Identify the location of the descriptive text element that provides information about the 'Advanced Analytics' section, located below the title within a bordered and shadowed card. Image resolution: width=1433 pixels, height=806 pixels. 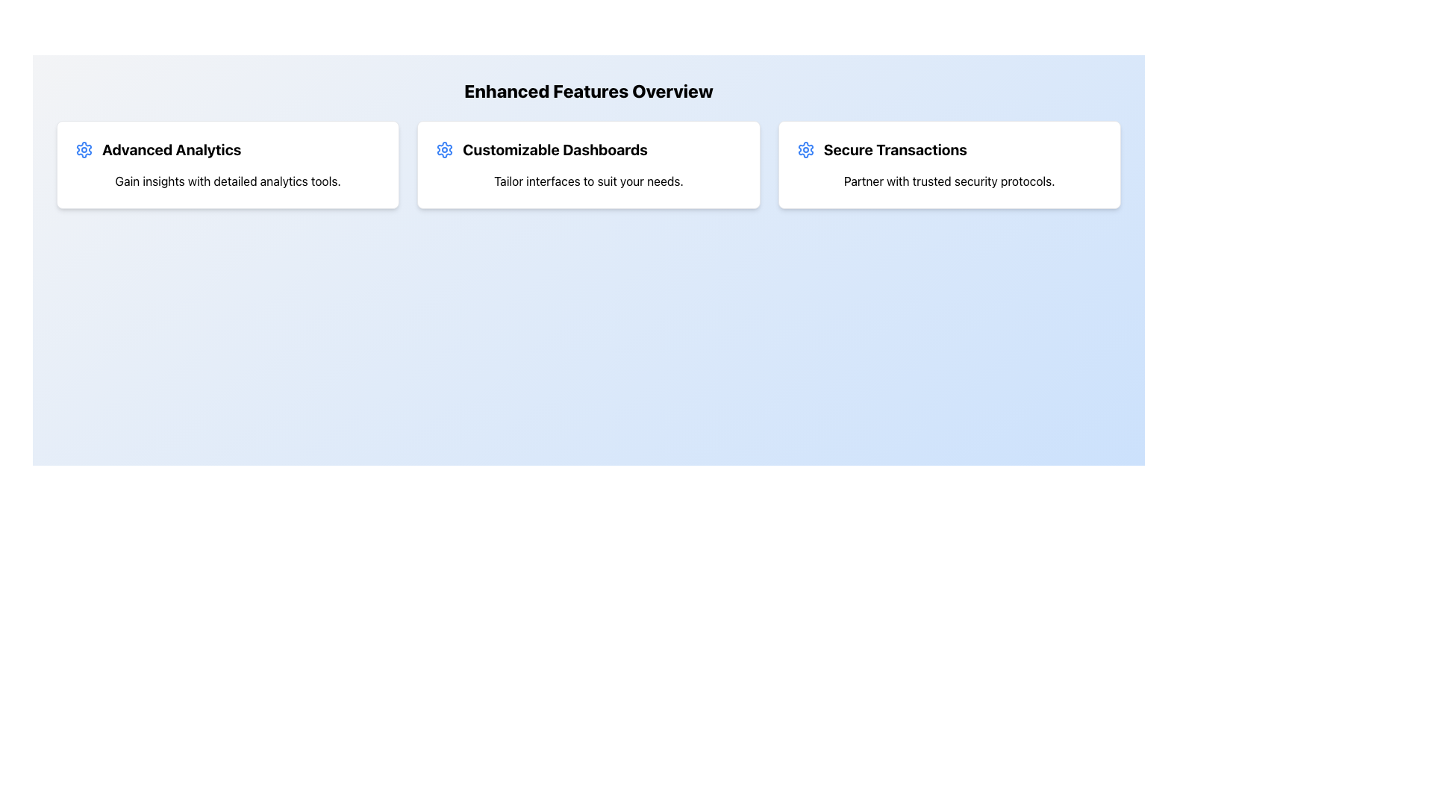
(227, 181).